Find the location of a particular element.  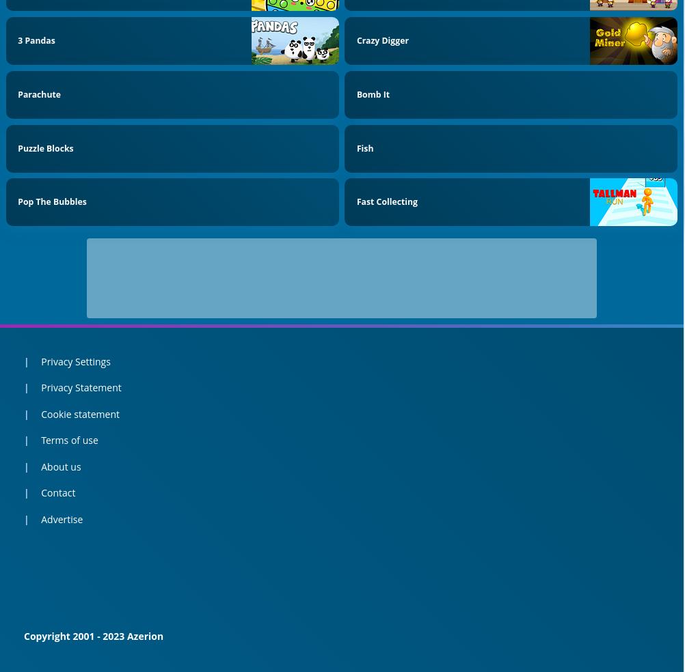

'Contact' is located at coordinates (57, 492).